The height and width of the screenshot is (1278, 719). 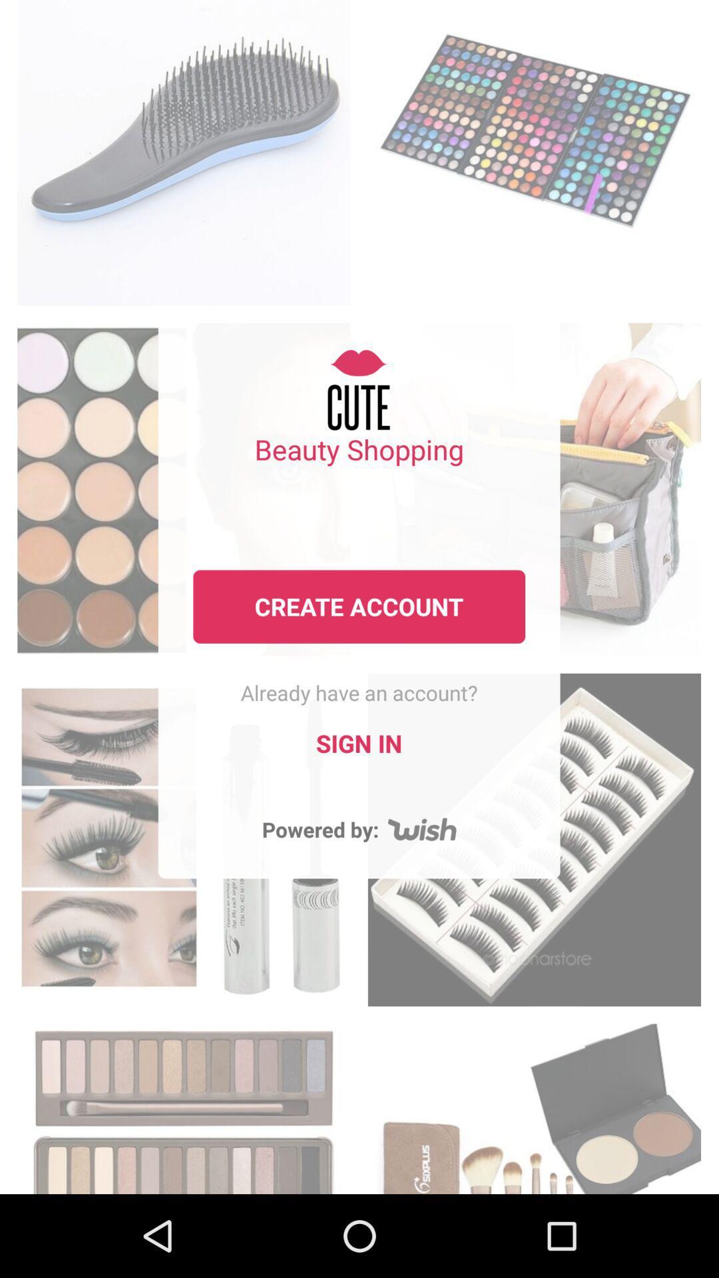 What do you see at coordinates (533, 1105) in the screenshot?
I see `make box` at bounding box center [533, 1105].